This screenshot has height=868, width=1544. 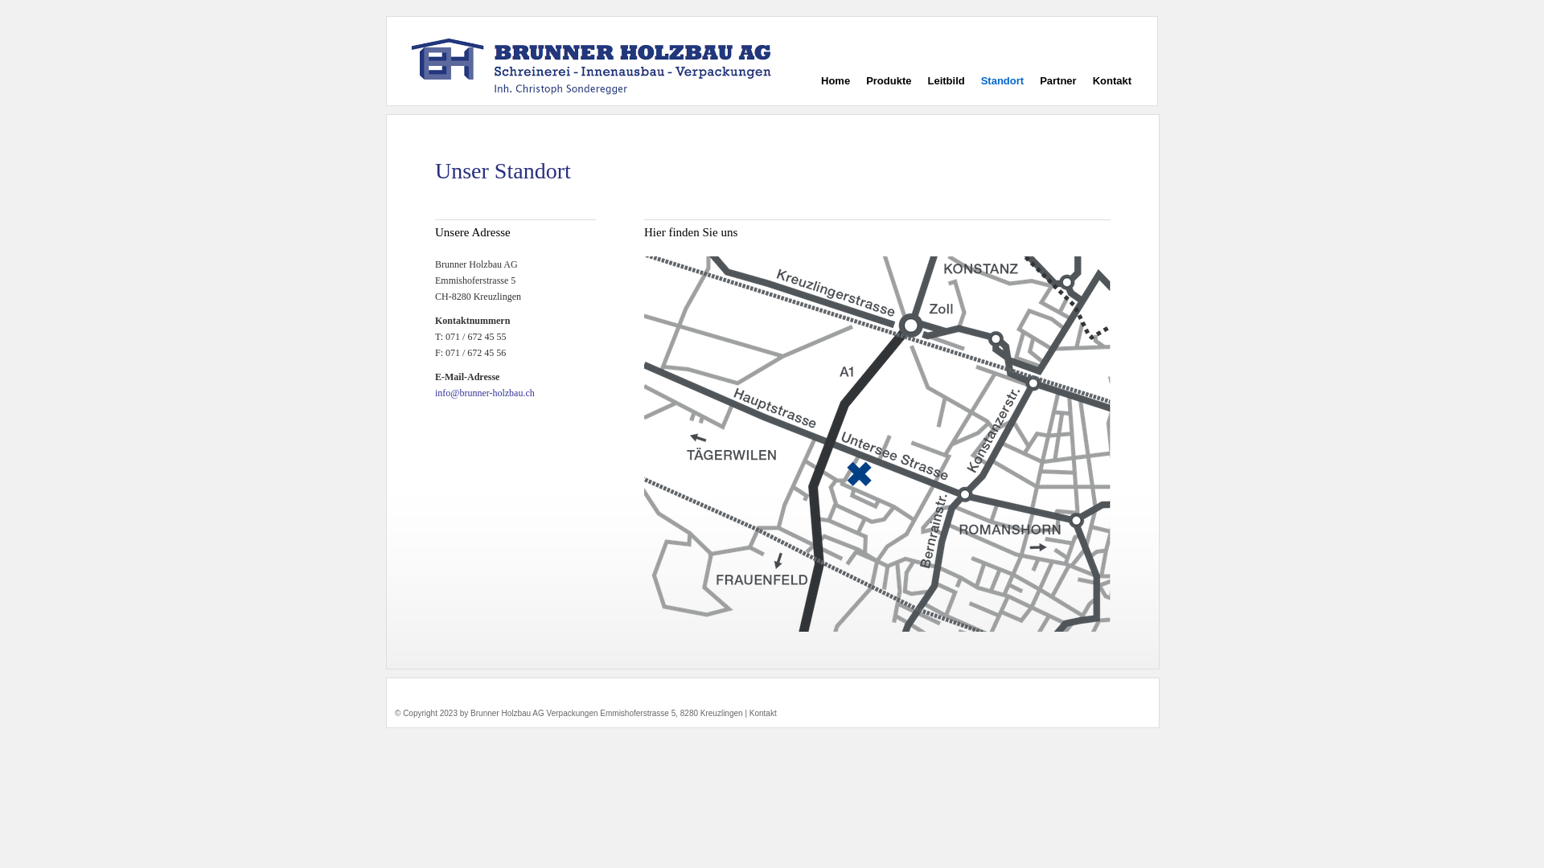 I want to click on 'Partner', so click(x=1057, y=80).